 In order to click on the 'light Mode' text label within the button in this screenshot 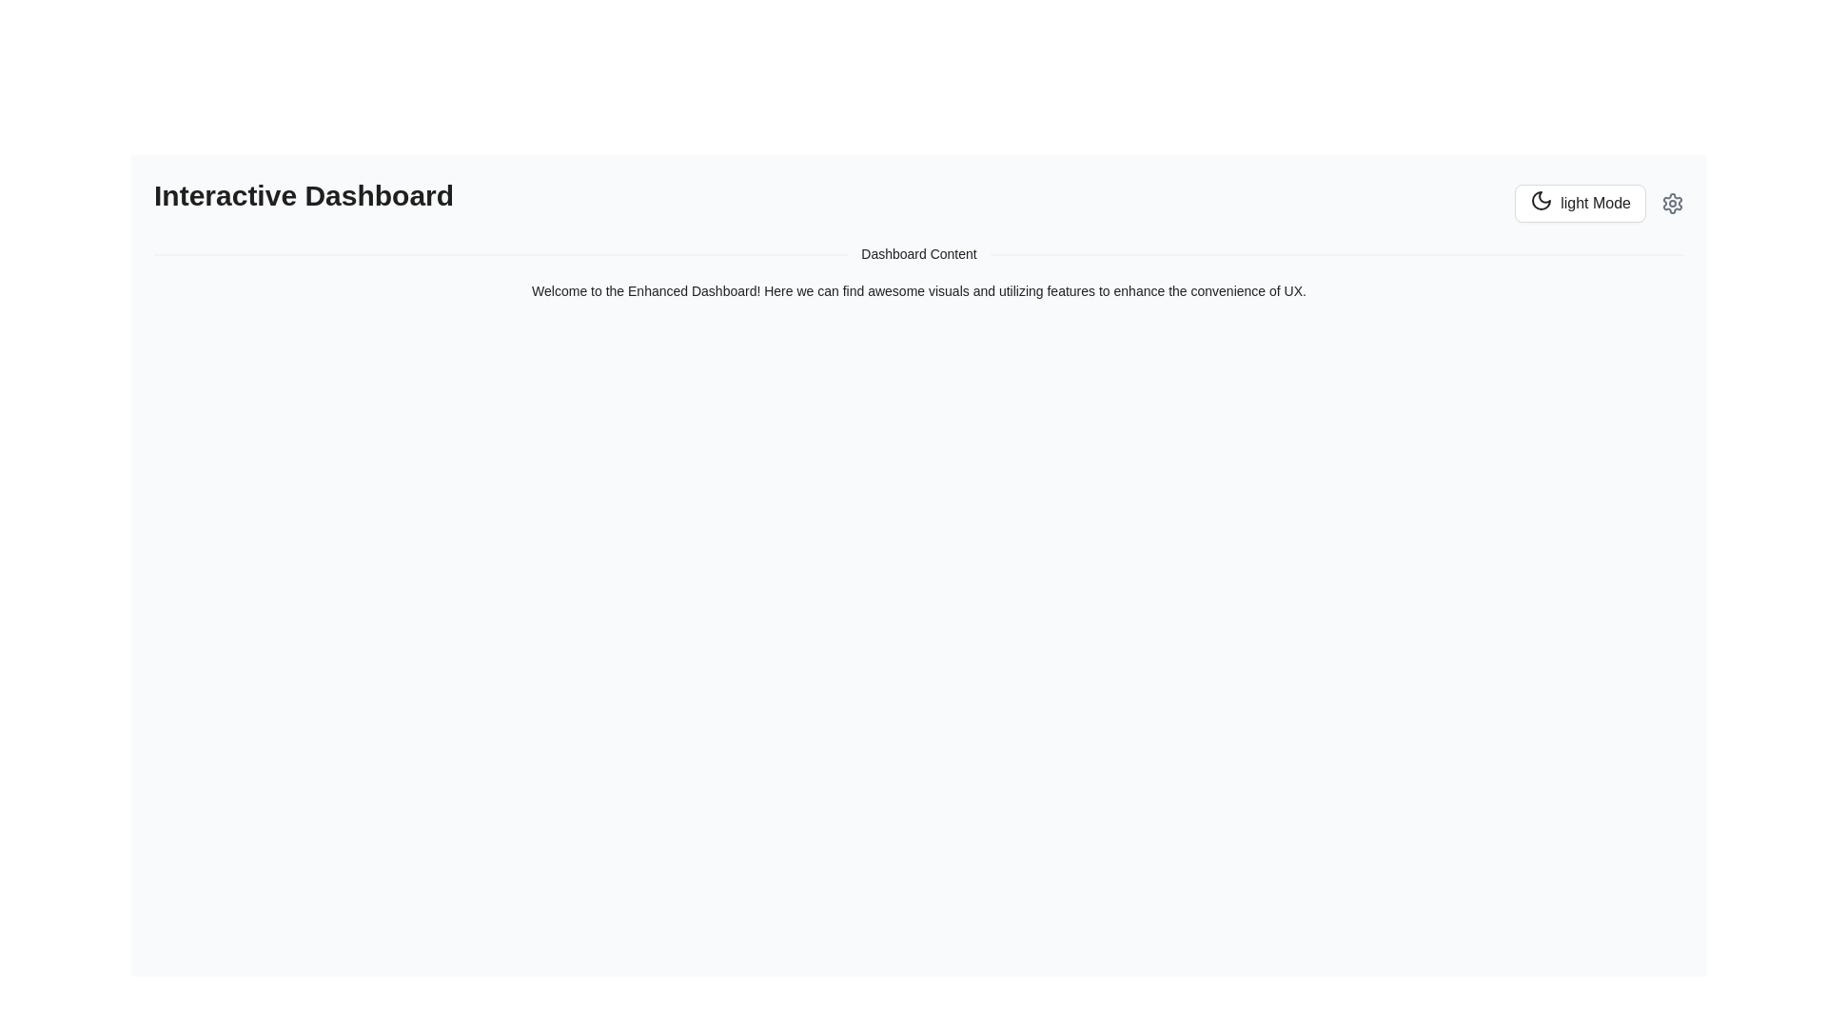, I will do `click(1596, 203)`.